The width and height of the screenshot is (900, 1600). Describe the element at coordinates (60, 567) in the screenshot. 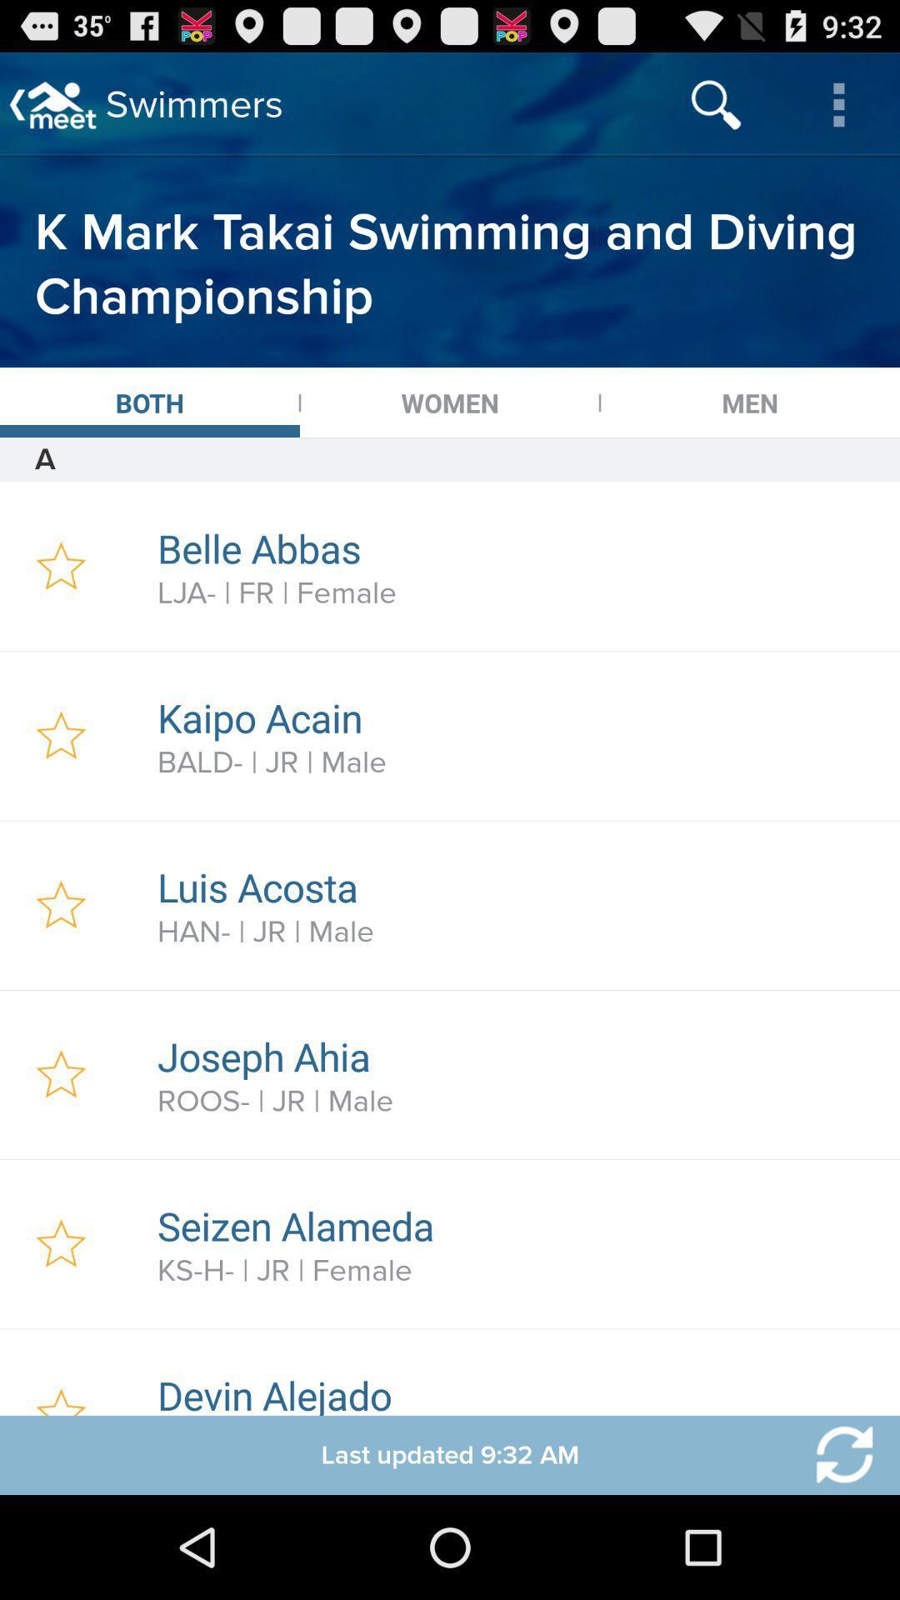

I see `to favorite` at that location.